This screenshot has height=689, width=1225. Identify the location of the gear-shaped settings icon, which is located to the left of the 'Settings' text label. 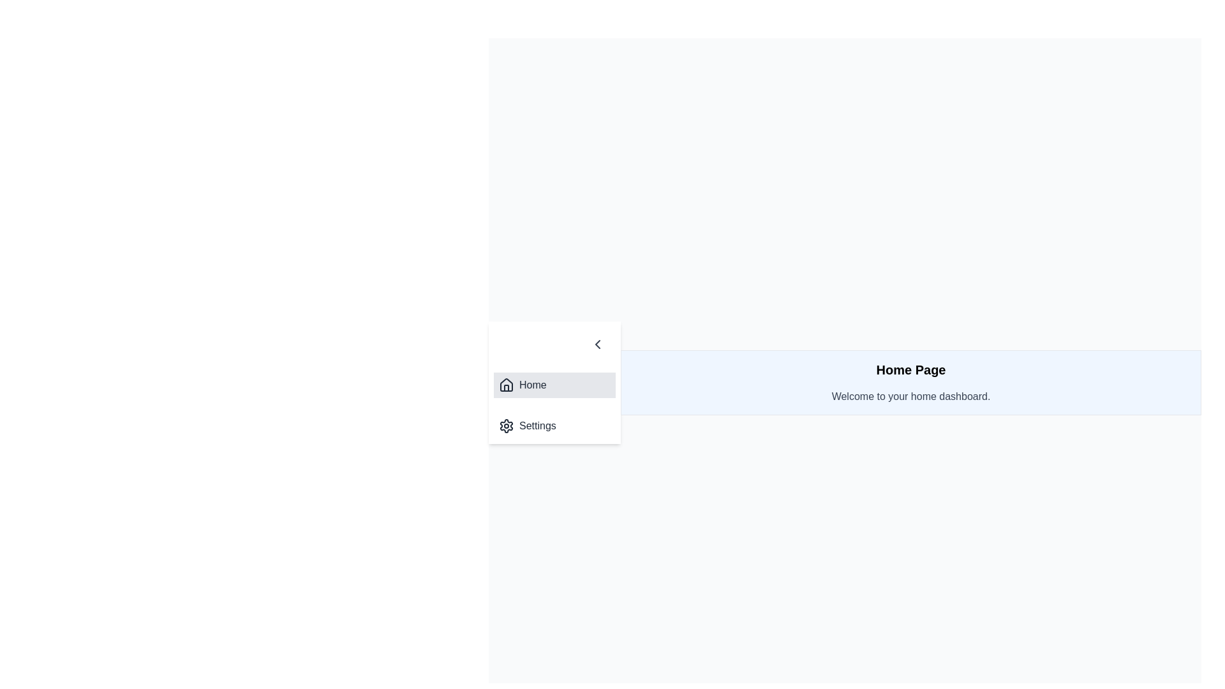
(505, 426).